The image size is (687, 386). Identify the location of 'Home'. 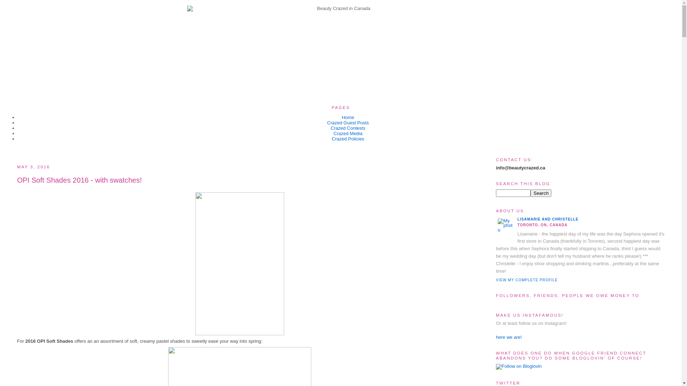
(341, 117).